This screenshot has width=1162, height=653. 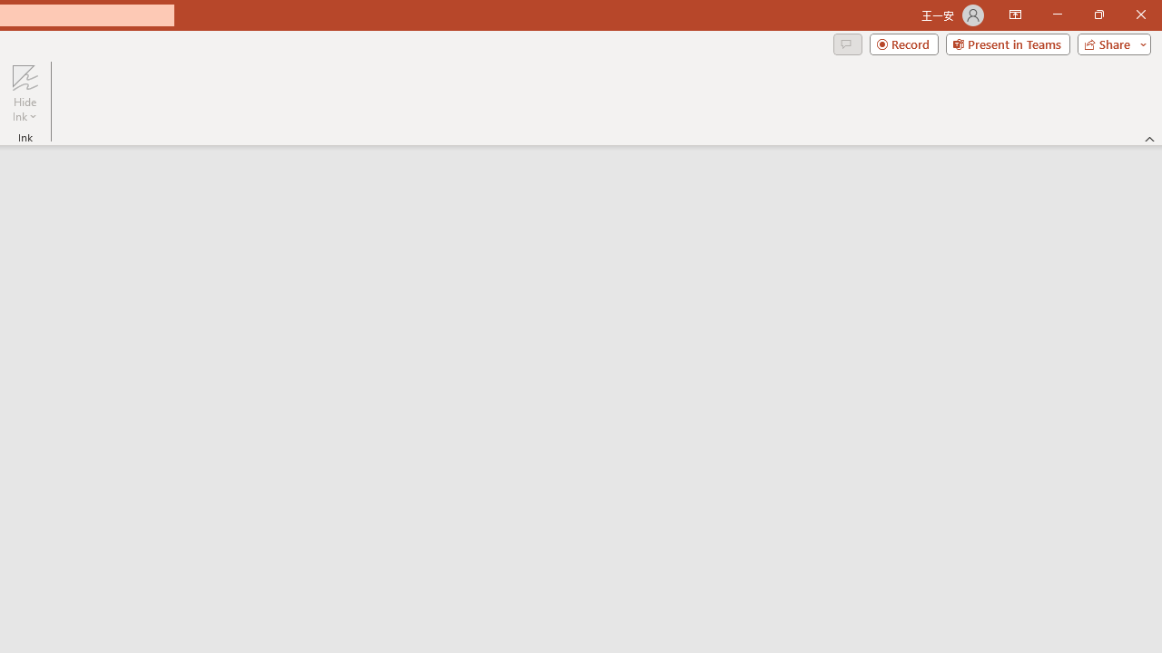 What do you see at coordinates (1098, 15) in the screenshot?
I see `'Restore Down'` at bounding box center [1098, 15].